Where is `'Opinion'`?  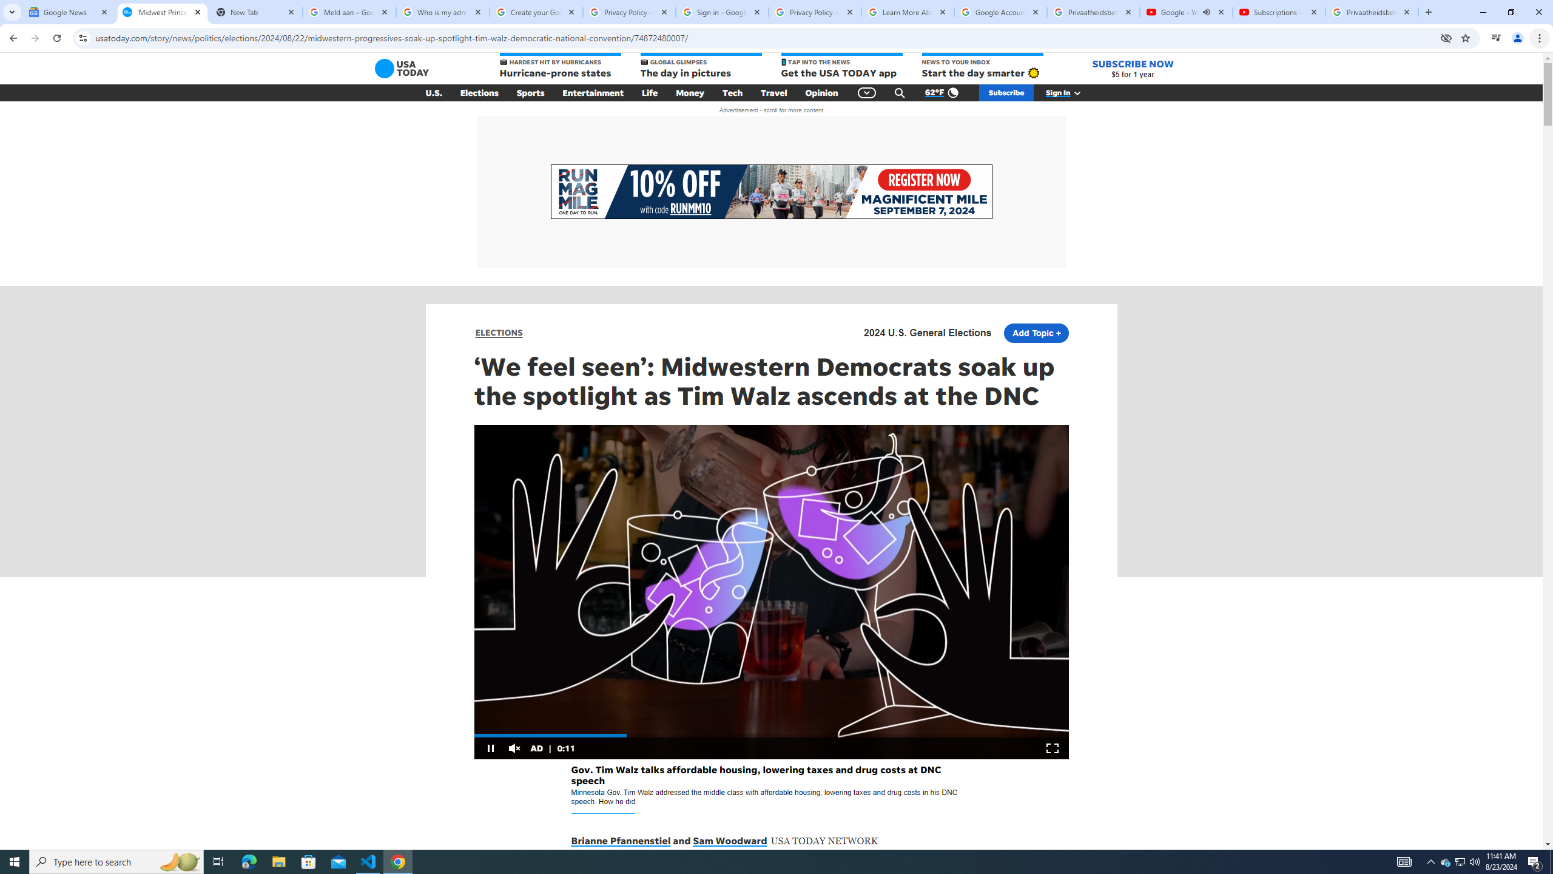 'Opinion' is located at coordinates (821, 93).